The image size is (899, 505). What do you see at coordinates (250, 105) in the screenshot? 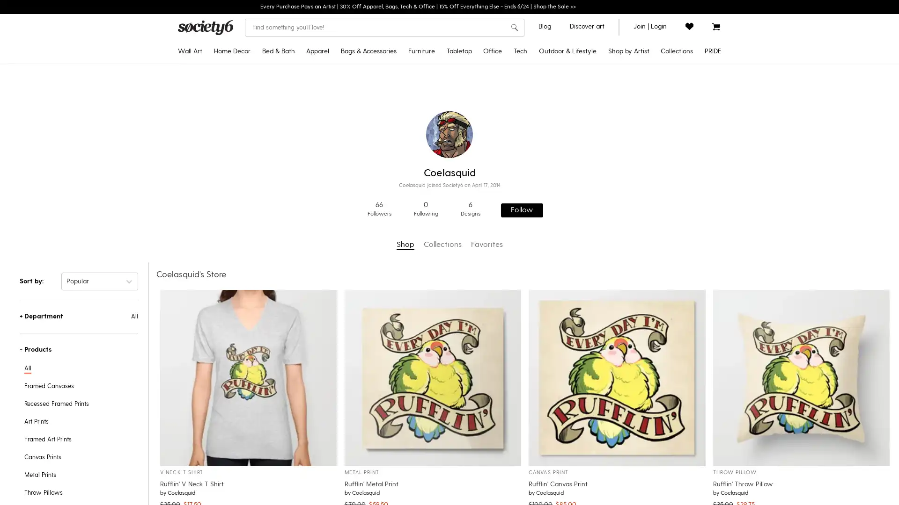
I see `Rectangular Pillows` at bounding box center [250, 105].